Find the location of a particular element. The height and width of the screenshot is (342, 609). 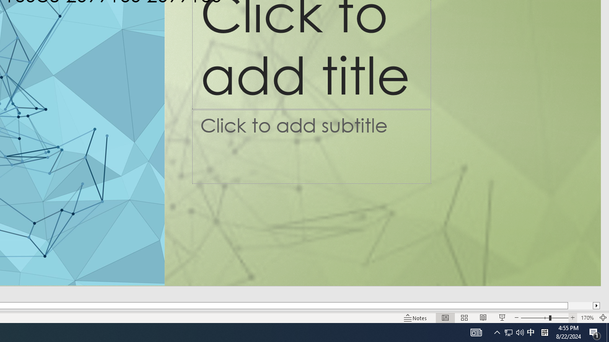

'Reading View' is located at coordinates (483, 318).